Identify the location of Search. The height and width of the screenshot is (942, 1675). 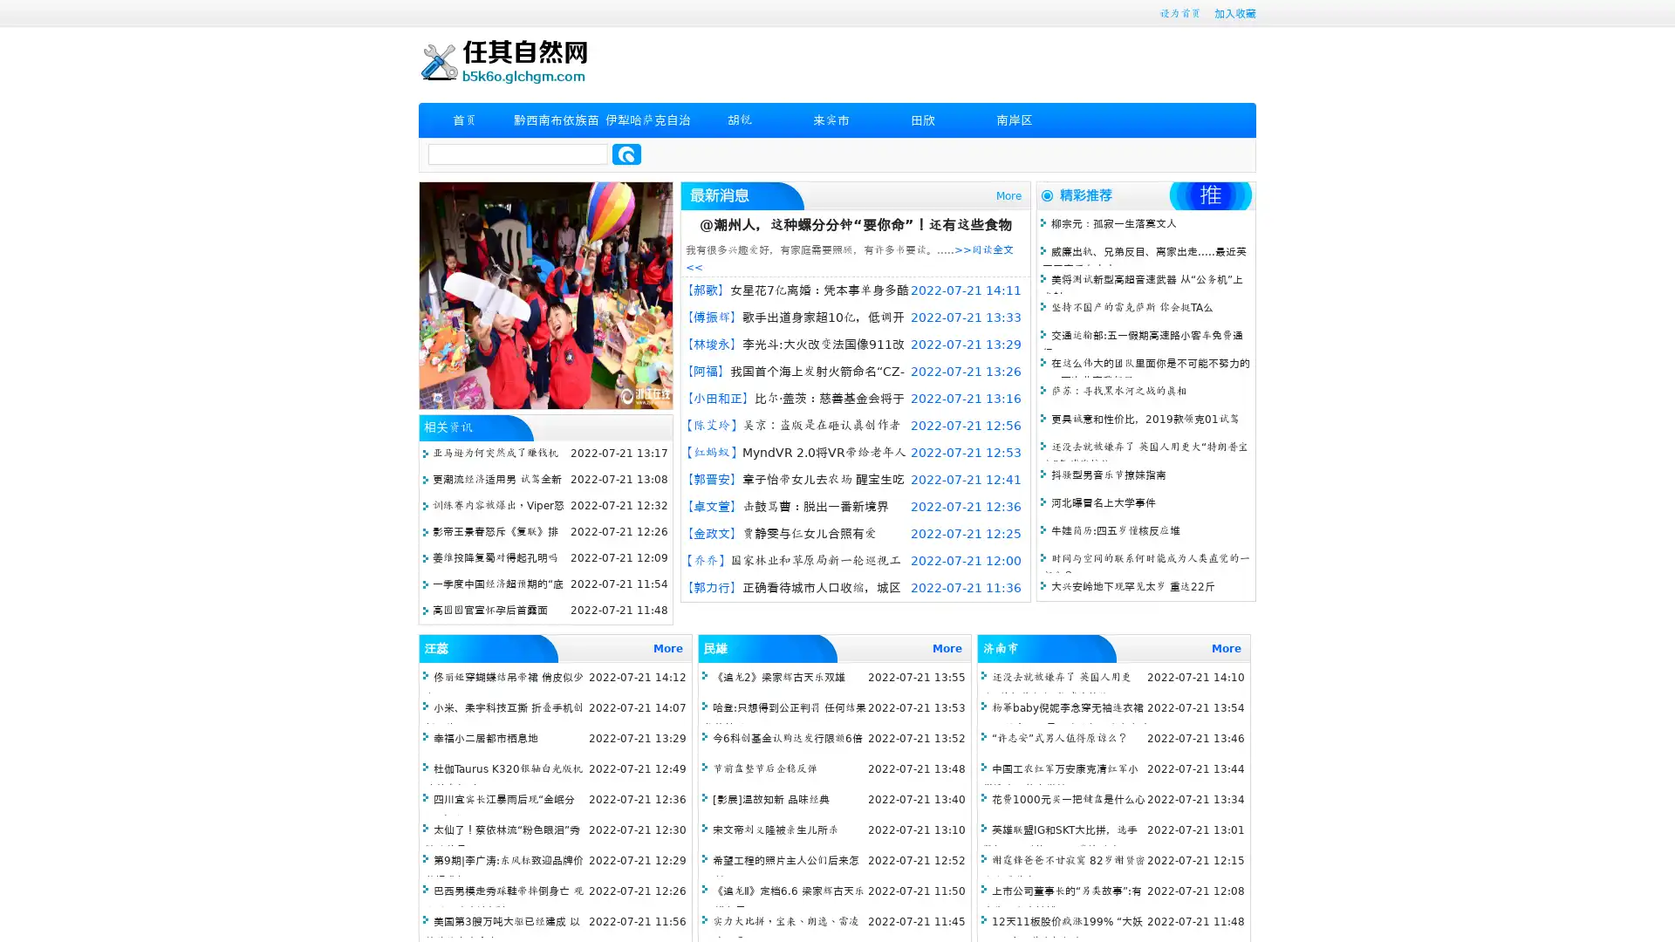
(626, 154).